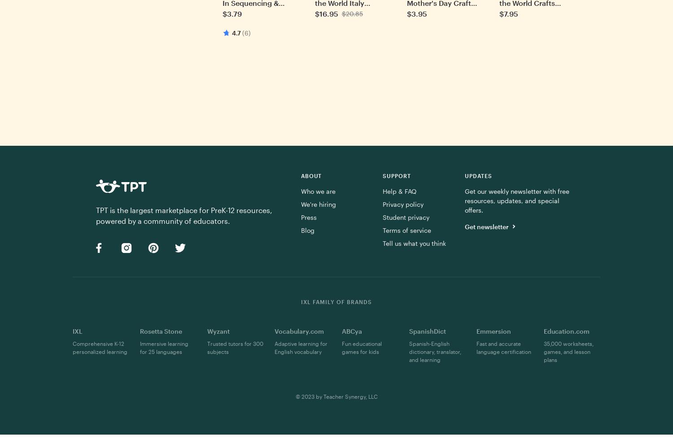  Describe the element at coordinates (236, 32) in the screenshot. I see `'4.7'` at that location.